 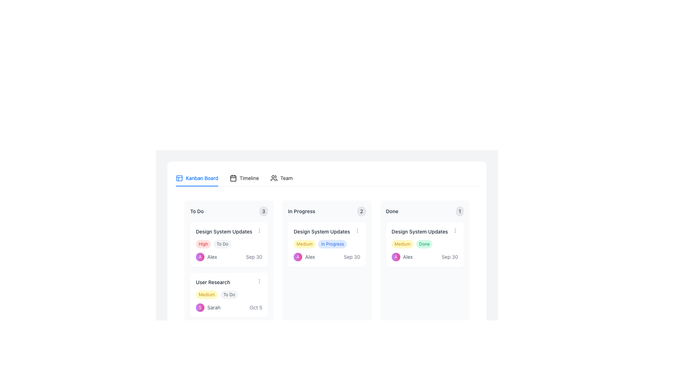 What do you see at coordinates (352, 257) in the screenshot?
I see `the text label in the lower-right corner of the task card in the 'In Progress' column, which provides date-related information` at bounding box center [352, 257].